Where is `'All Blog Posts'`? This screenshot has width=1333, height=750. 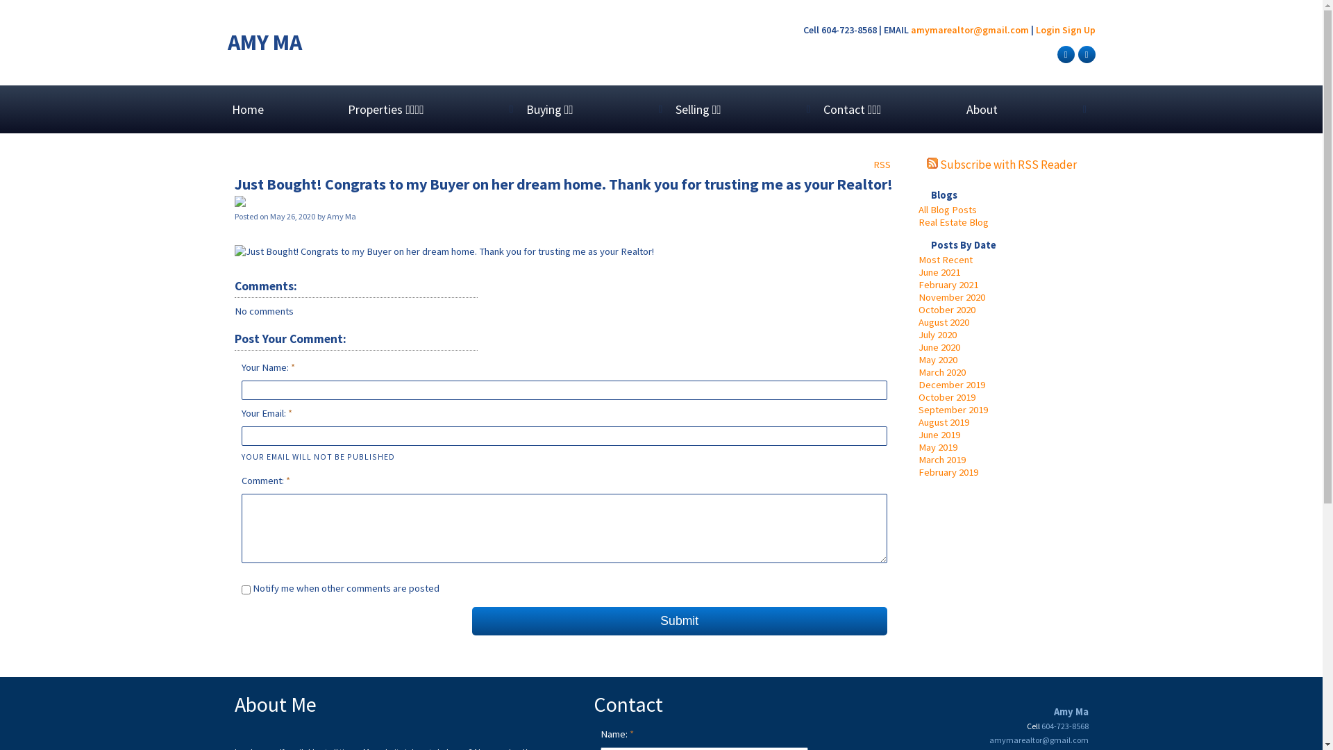
'All Blog Posts' is located at coordinates (946, 209).